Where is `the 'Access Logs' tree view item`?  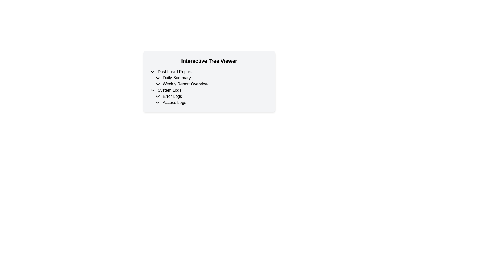 the 'Access Logs' tree view item is located at coordinates (209, 102).